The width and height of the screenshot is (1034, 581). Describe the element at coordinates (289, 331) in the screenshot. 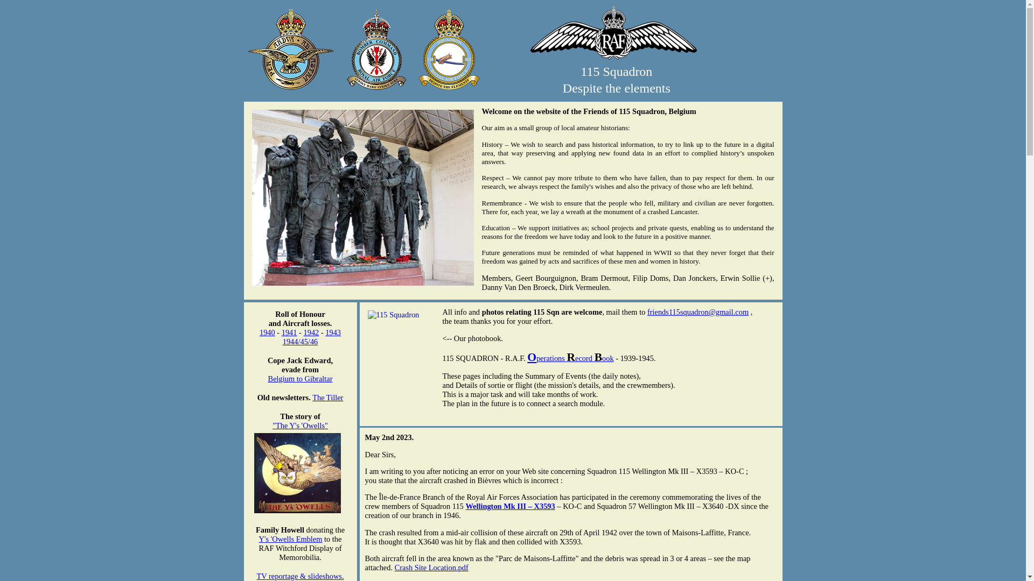

I see `'1941'` at that location.